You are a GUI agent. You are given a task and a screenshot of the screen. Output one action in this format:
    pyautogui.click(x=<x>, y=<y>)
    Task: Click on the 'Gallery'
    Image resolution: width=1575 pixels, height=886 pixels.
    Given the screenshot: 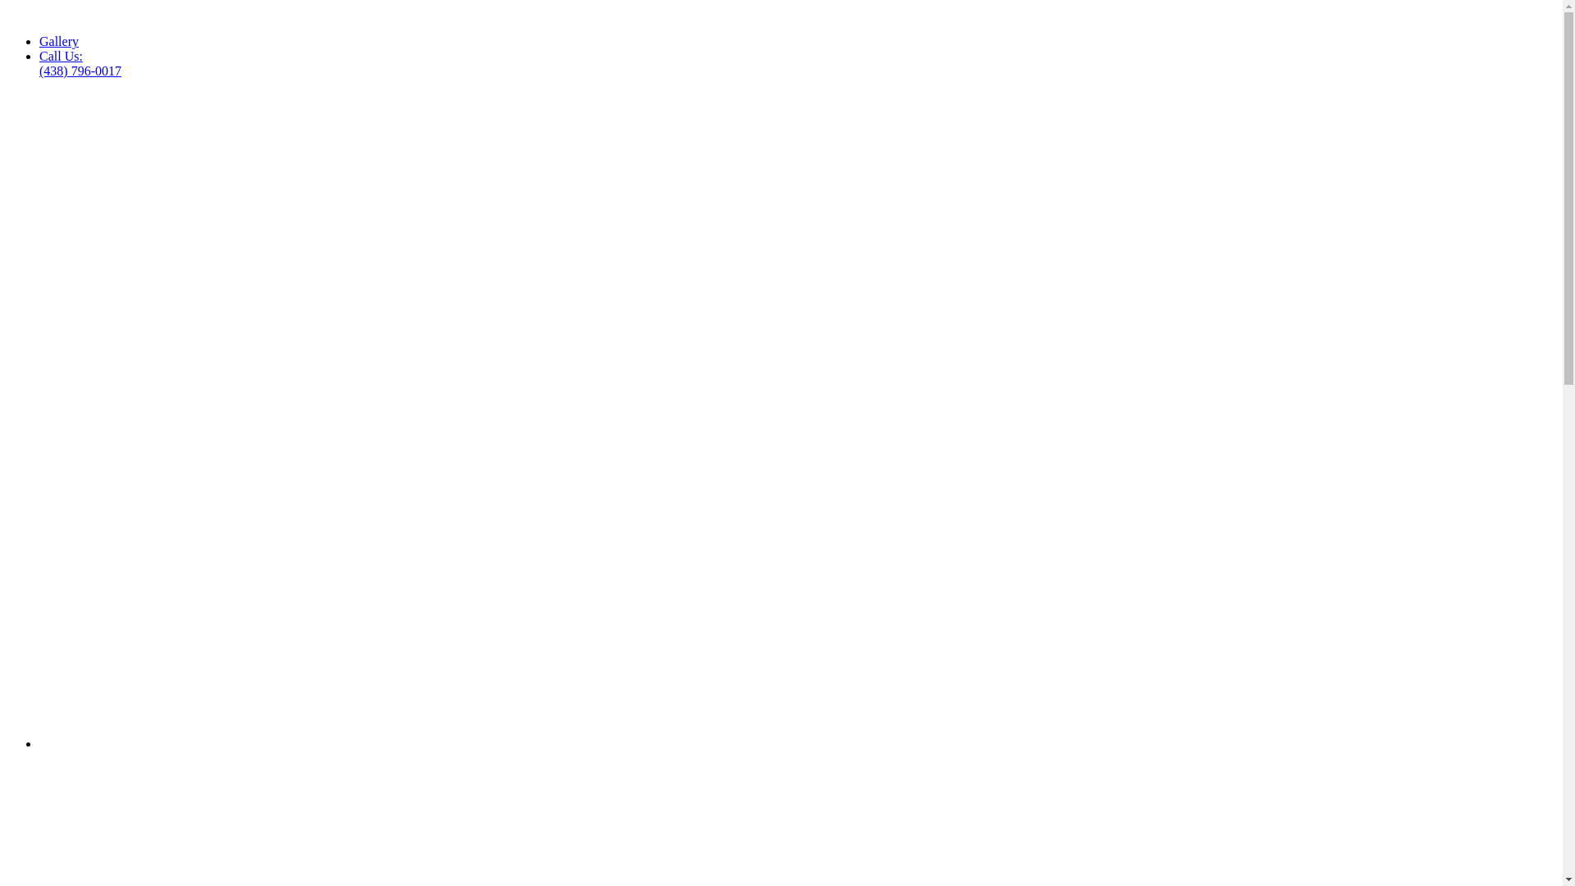 What is the action you would take?
    pyautogui.click(x=59, y=40)
    